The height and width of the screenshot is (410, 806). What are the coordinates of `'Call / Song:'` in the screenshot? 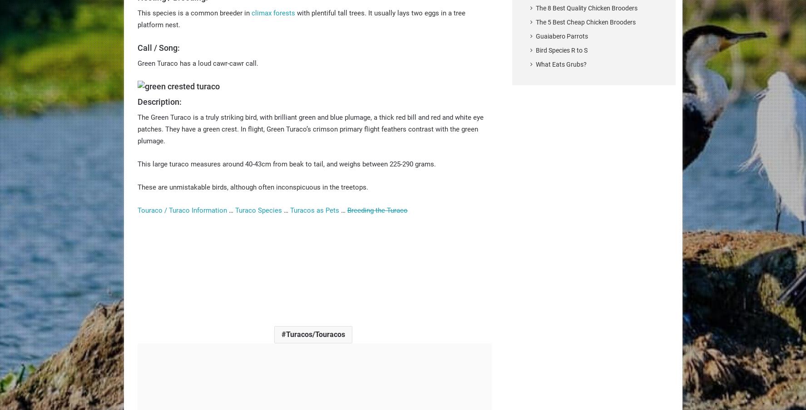 It's located at (158, 47).